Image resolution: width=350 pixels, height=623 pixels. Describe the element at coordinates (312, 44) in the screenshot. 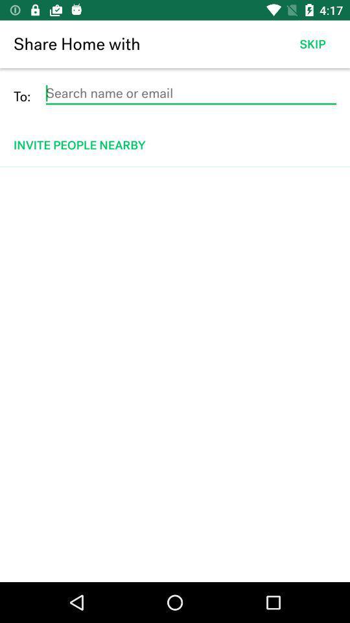

I see `the icon next to share home with item` at that location.